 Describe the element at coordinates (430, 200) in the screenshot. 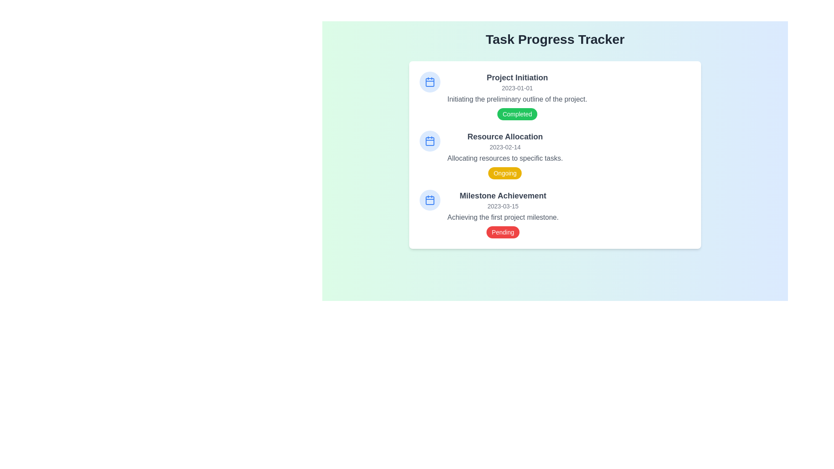

I see `the rounded blue icon button with a calendar icon located to the left of the 'Milestone Achievement' section, which displays the date 2023-03-15` at that location.